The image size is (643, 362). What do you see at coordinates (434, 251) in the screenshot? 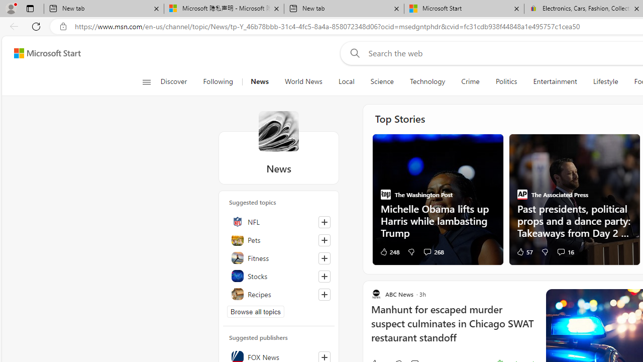
I see `'View comments 268 Comment'` at bounding box center [434, 251].